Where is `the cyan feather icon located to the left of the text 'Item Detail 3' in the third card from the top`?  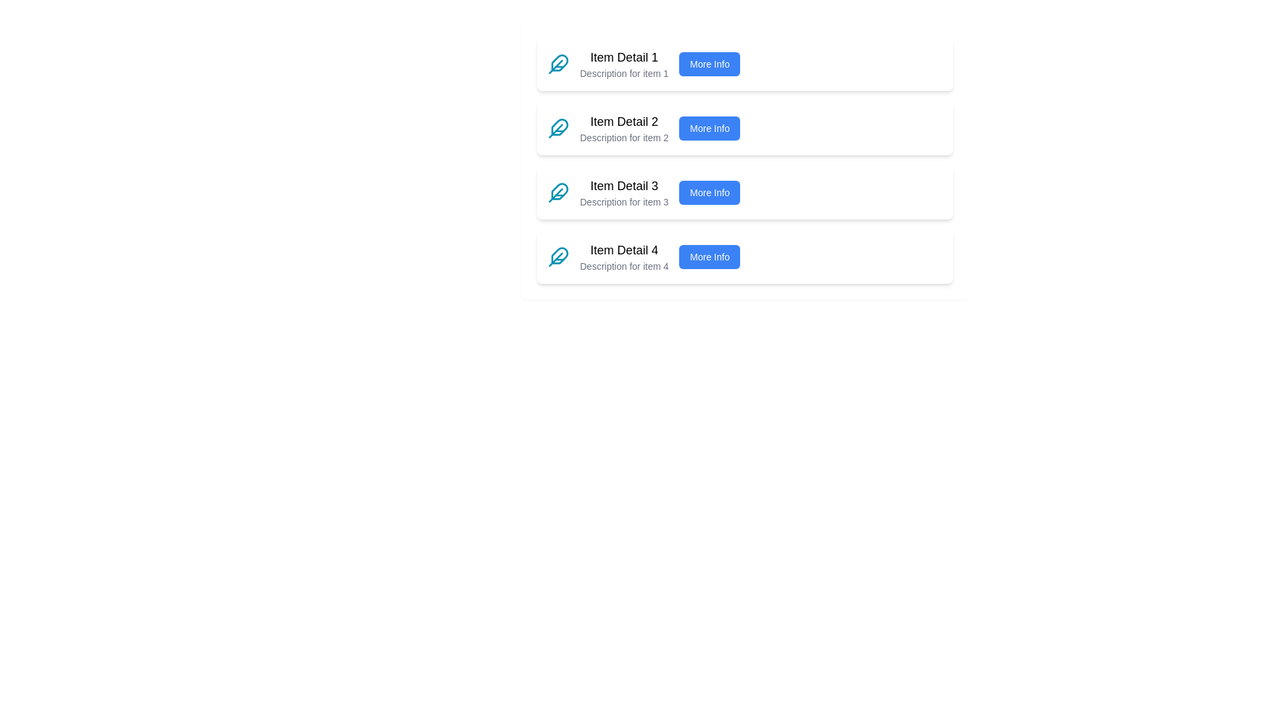
the cyan feather icon located to the left of the text 'Item Detail 3' in the third card from the top is located at coordinates (559, 193).